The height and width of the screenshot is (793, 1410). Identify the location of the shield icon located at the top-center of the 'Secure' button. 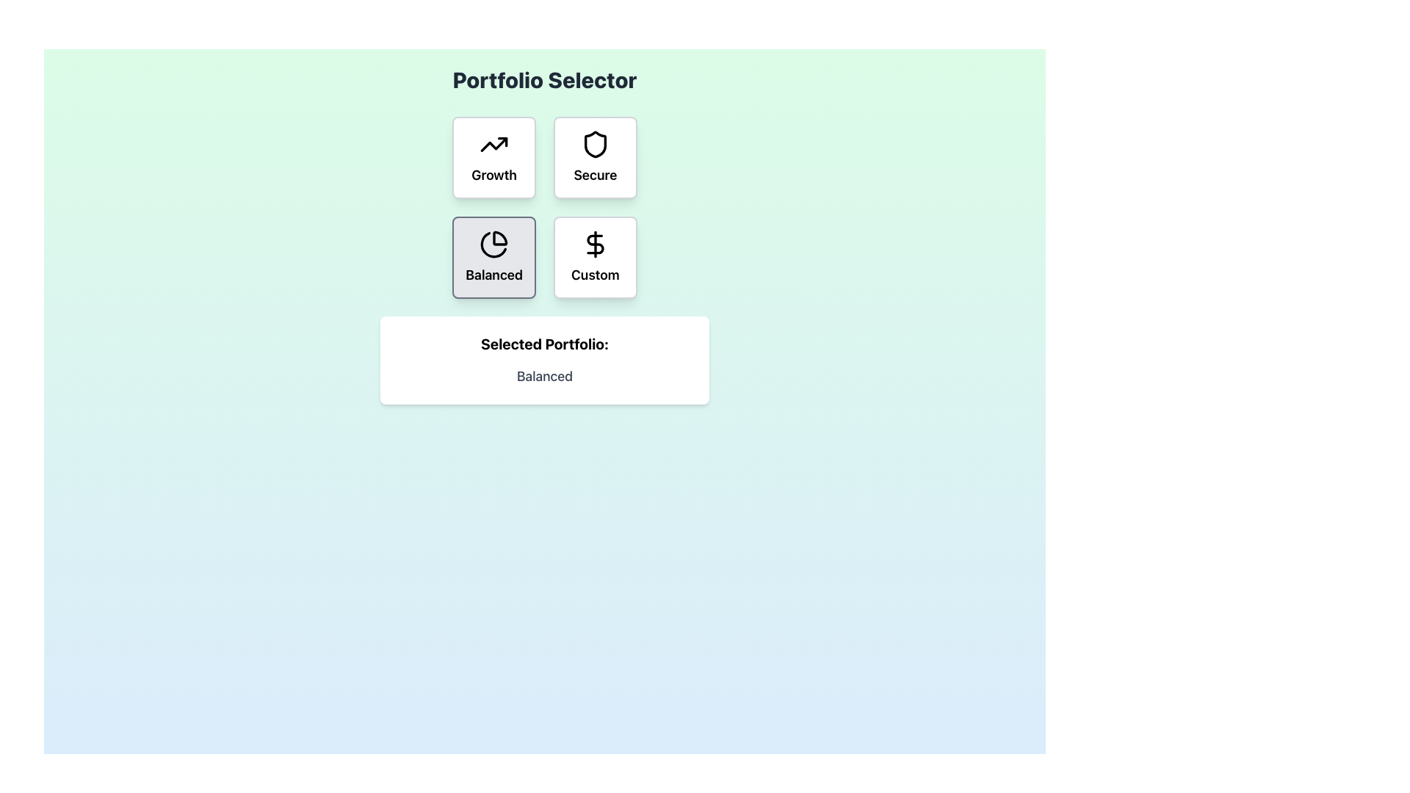
(595, 144).